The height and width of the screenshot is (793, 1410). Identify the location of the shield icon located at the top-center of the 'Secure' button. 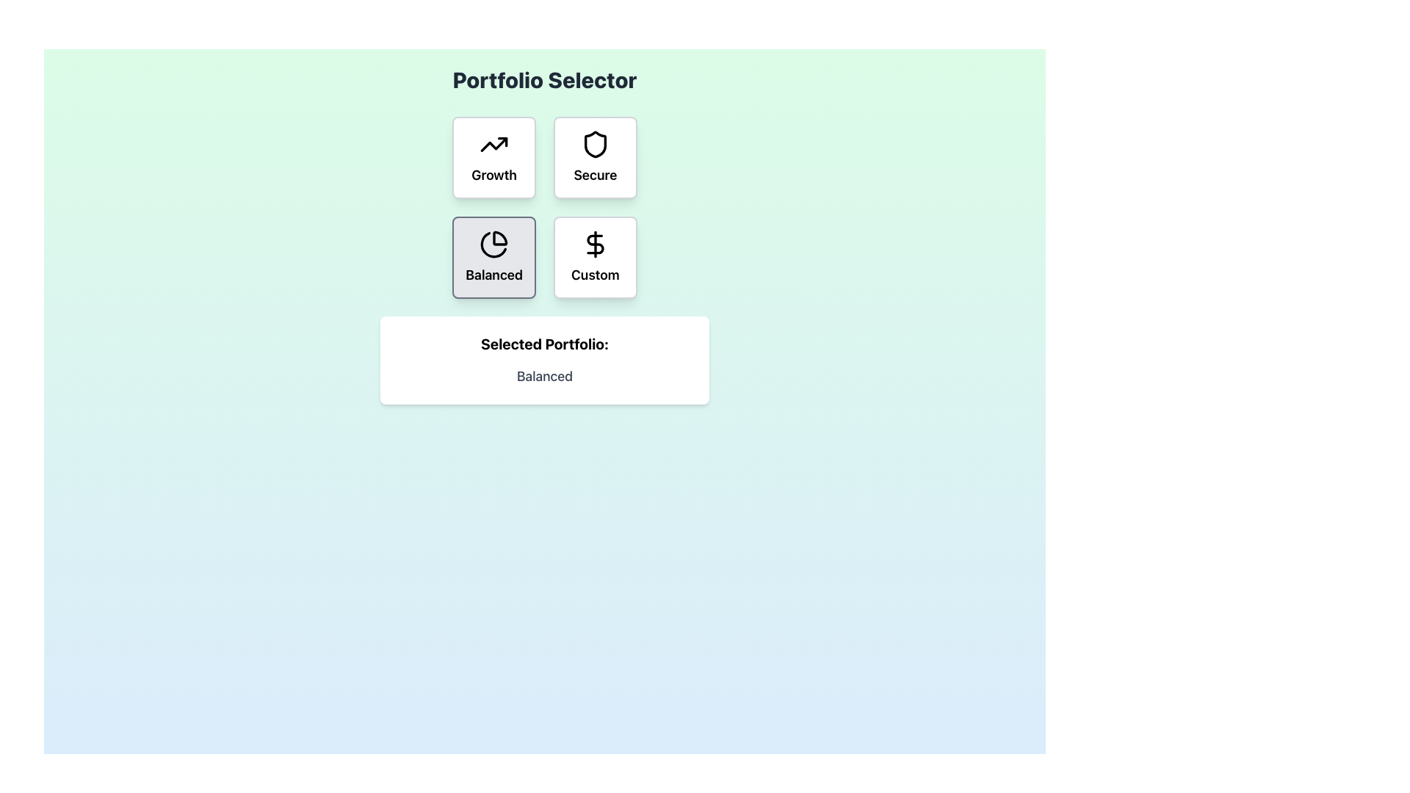
(595, 144).